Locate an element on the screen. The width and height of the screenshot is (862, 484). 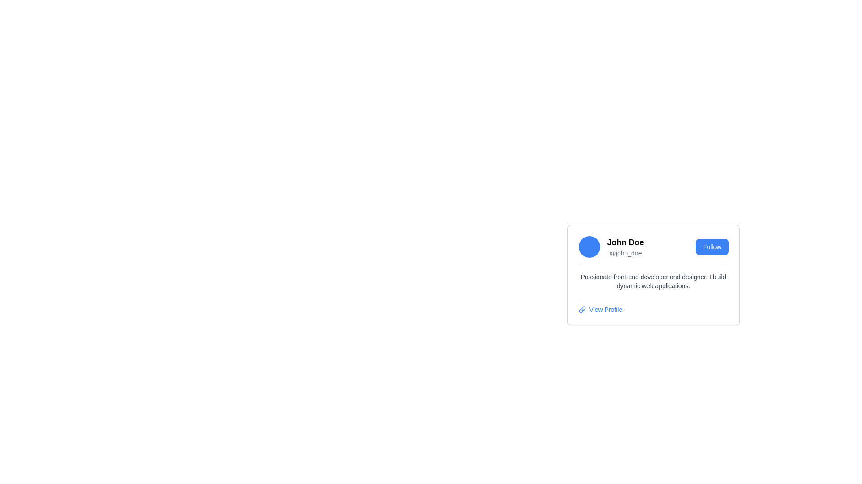
the username identifier '@john_doe' displayed in a small sans-serif font beneath 'John Doe' on the profile card is located at coordinates (625, 253).